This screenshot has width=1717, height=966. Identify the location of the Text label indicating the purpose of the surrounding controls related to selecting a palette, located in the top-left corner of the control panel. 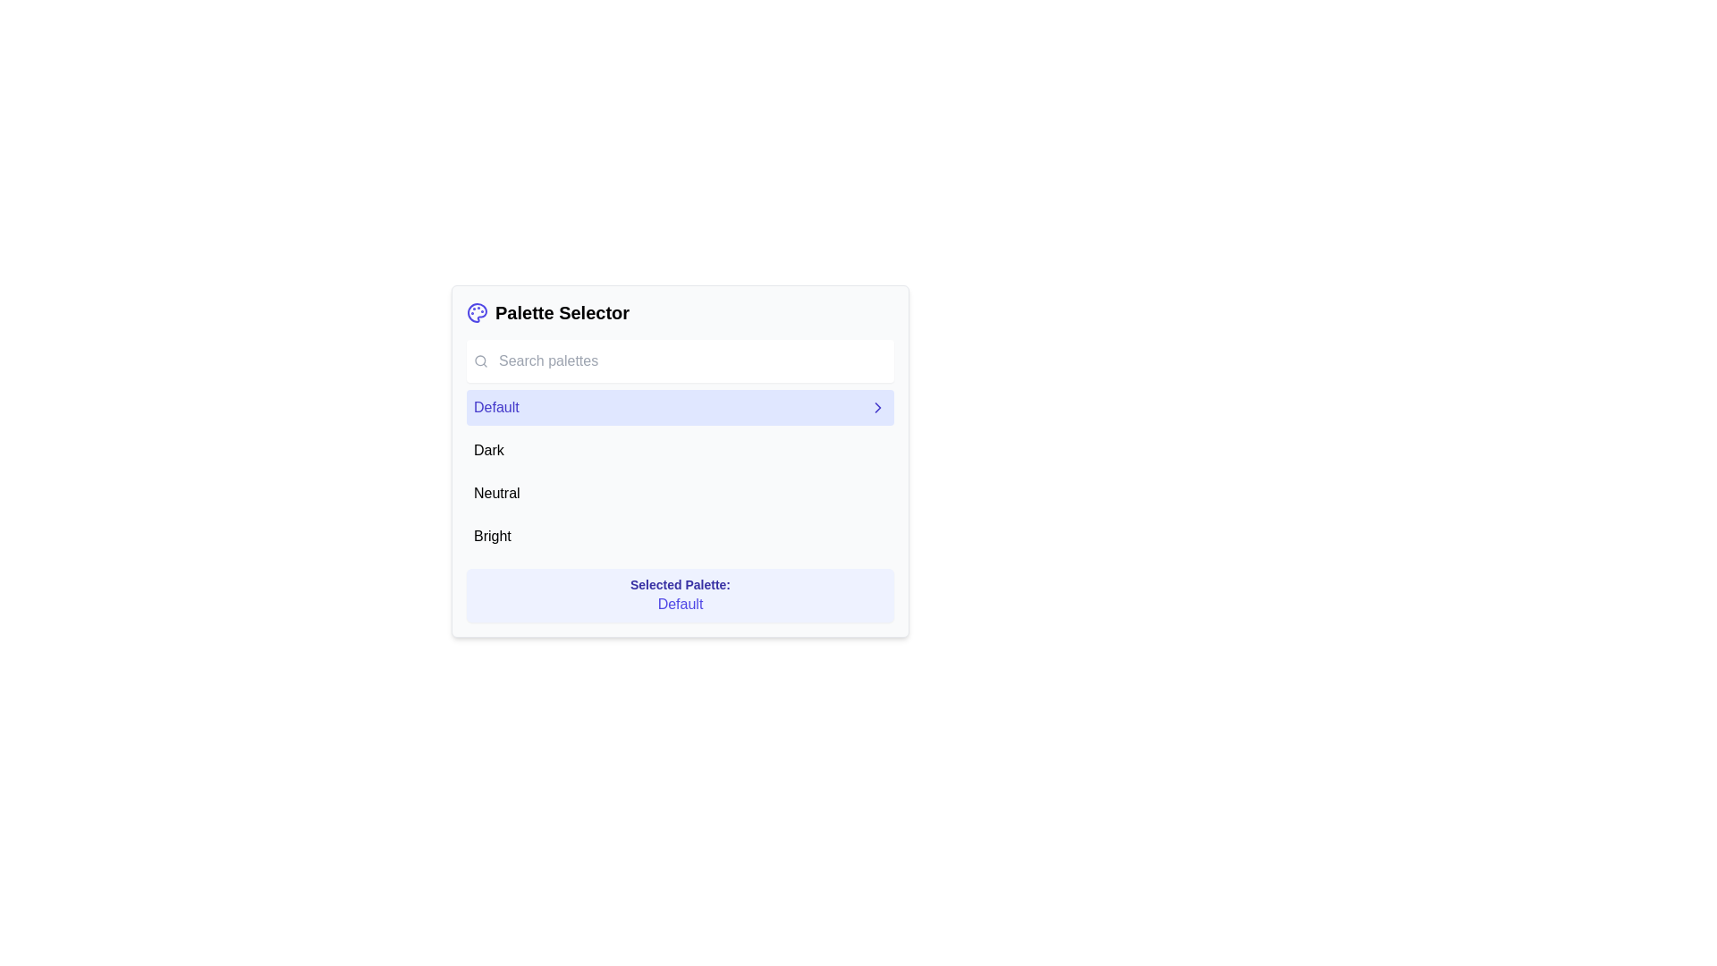
(561, 312).